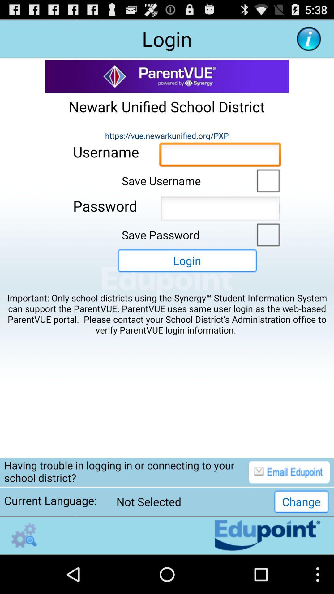 This screenshot has height=594, width=334. Describe the element at coordinates (309, 41) in the screenshot. I see `the info icon` at that location.